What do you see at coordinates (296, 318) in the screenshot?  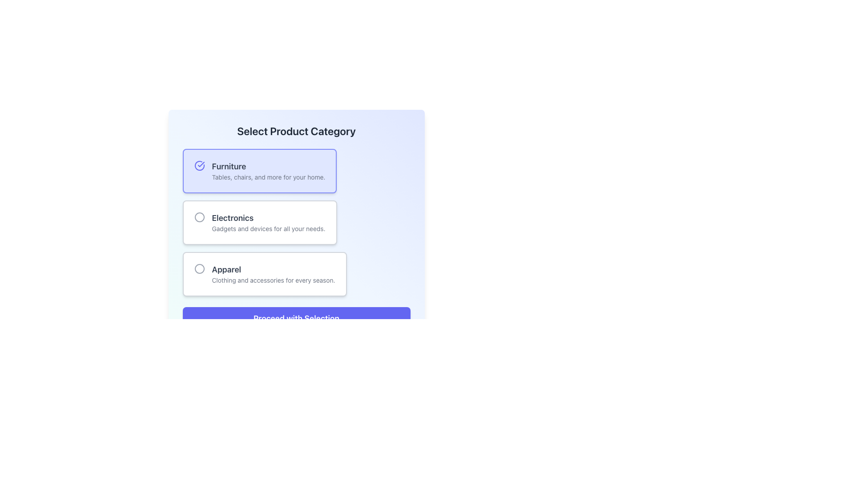 I see `the button labeled 'Proceed with Selection' which has an indigo background and is located at the bottom of the product category options` at bounding box center [296, 318].